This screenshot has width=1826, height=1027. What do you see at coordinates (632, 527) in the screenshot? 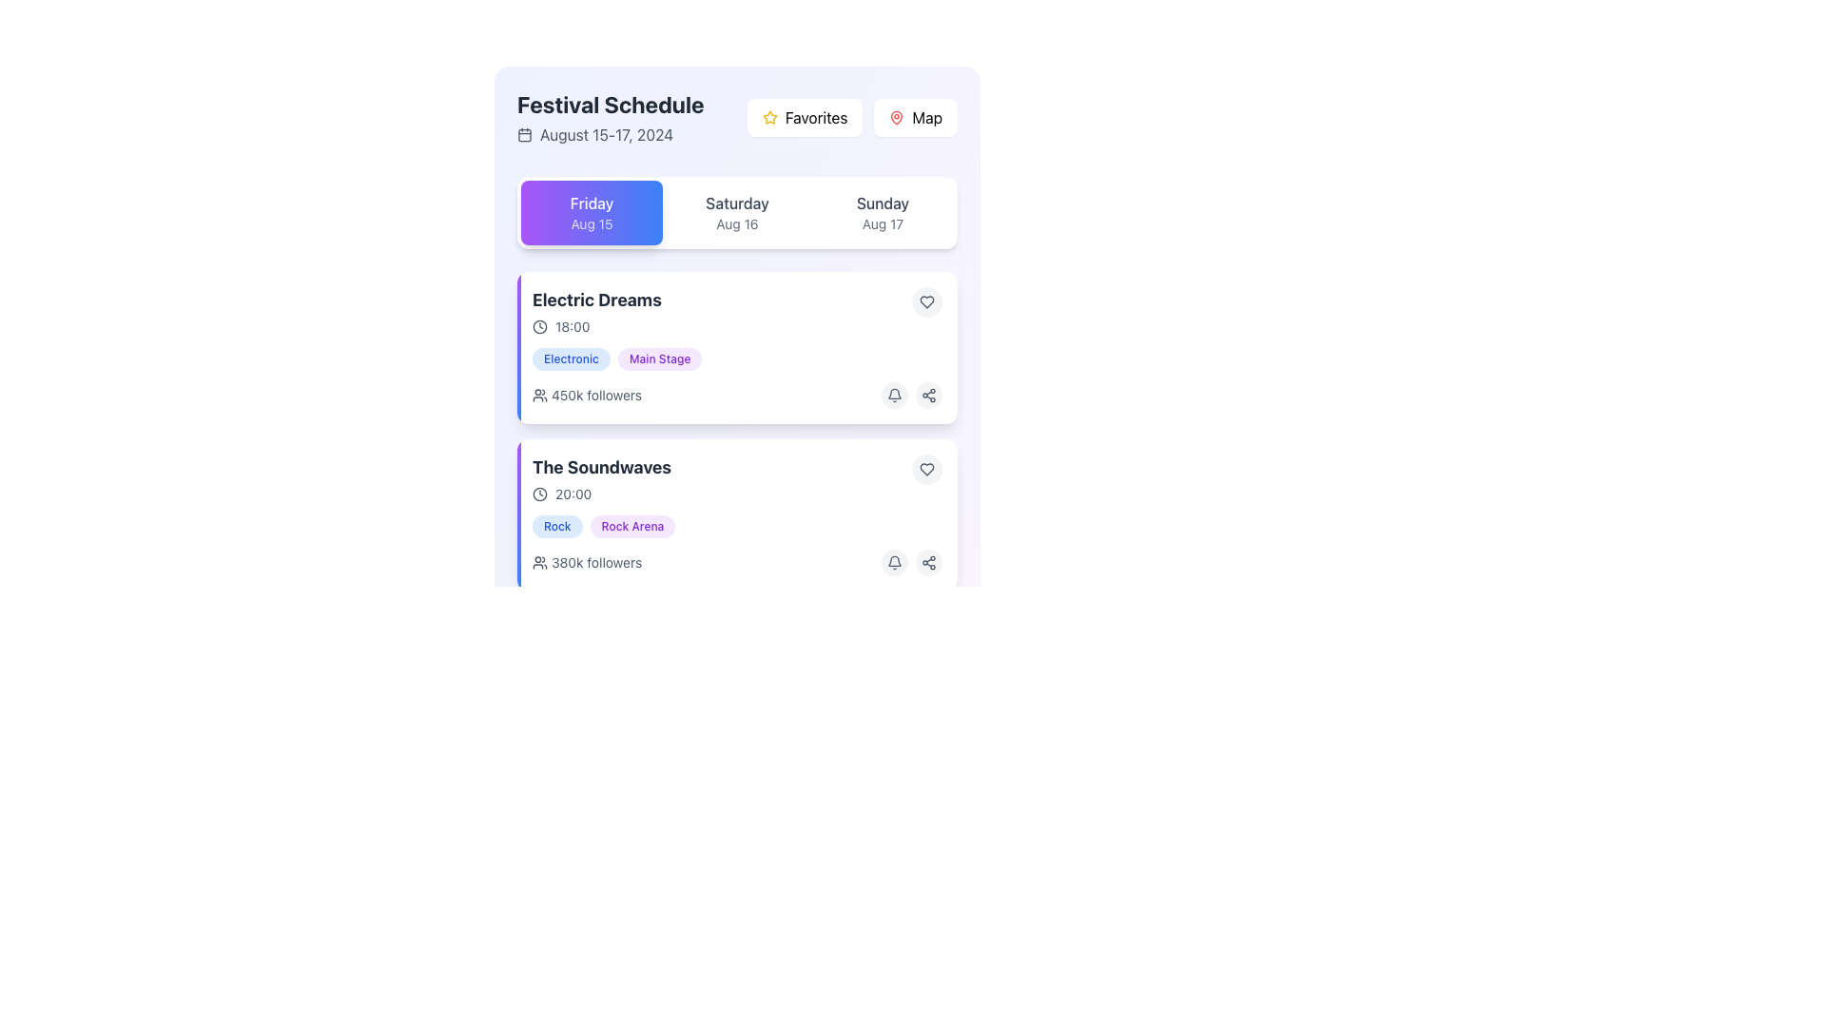
I see `the capsule-shaped label with light purple background and darker purple text displaying 'Rock Arena', positioned on the right side of the label 'Rock' in the event information section for 'The Soundwaves'` at bounding box center [632, 527].